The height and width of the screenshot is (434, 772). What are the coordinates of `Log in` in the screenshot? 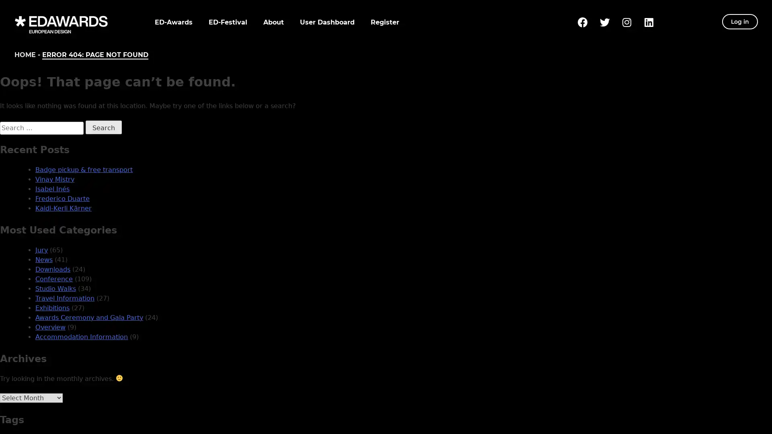 It's located at (740, 21).